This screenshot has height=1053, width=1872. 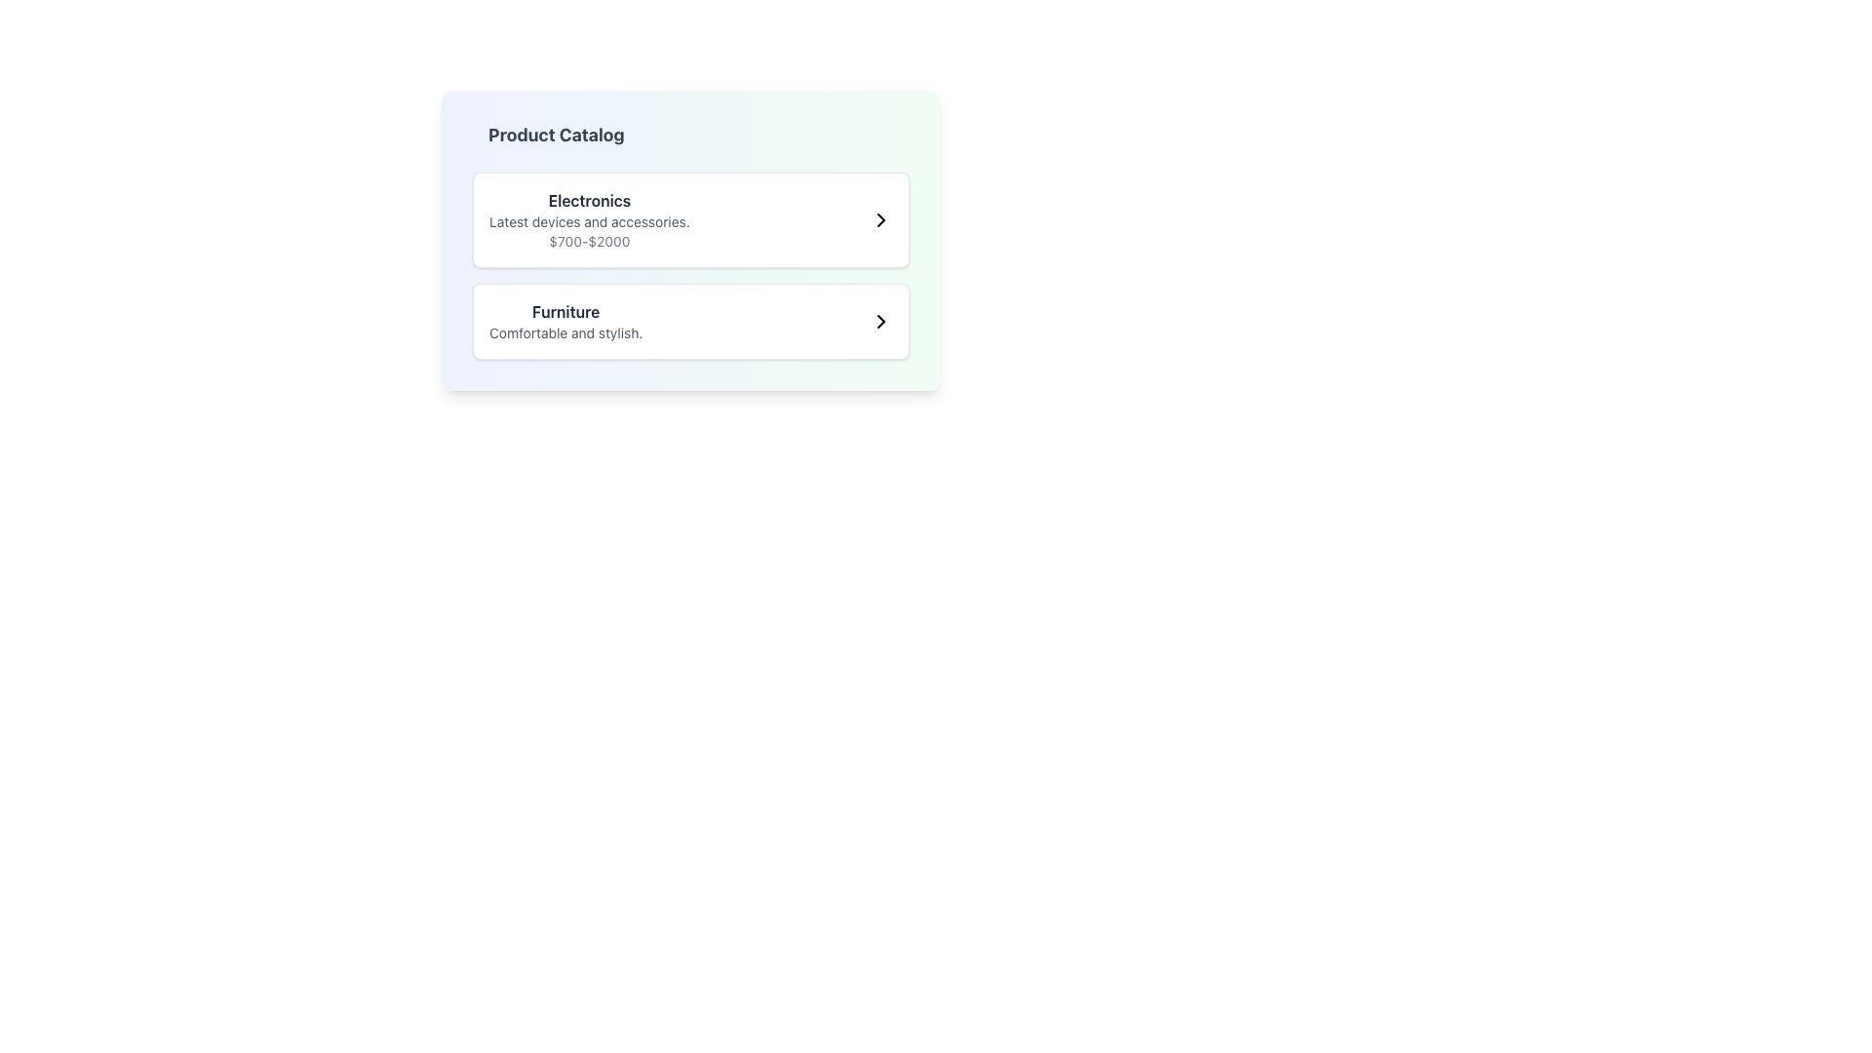 I want to click on the 'Electronics' clickable card in the Product Catalog section, so click(x=691, y=219).